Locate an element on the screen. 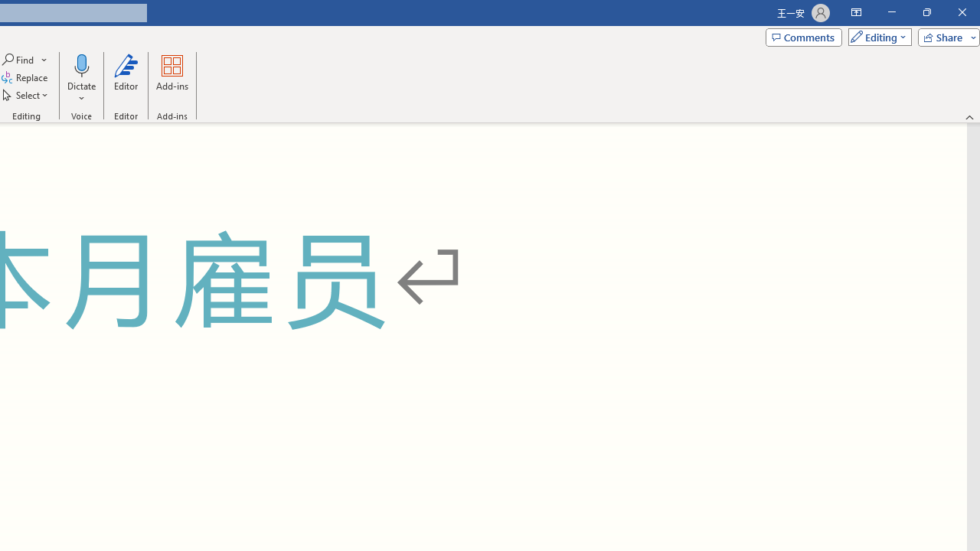 The image size is (980, 551). 'Editing' is located at coordinates (876, 36).